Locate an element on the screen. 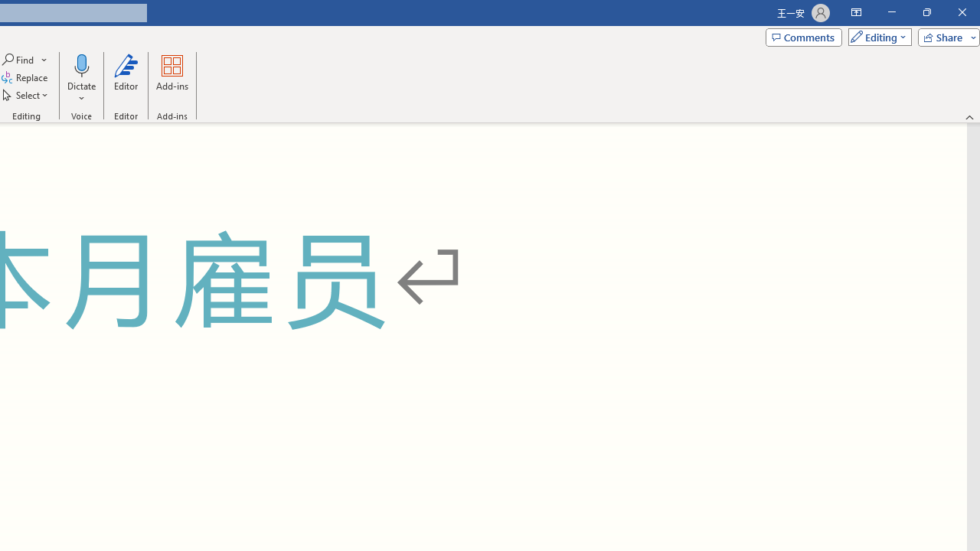 The image size is (980, 551). 'Editing' is located at coordinates (876, 36).